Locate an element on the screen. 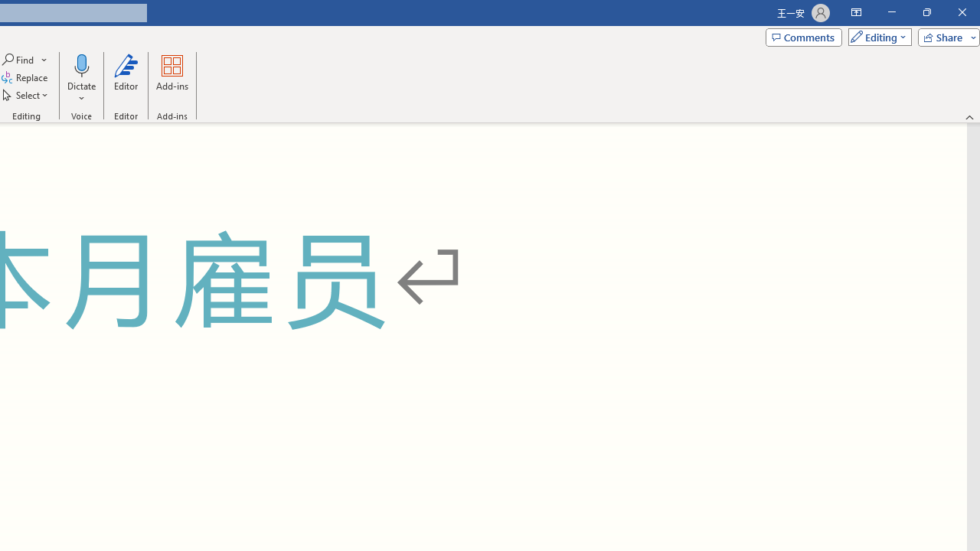 The image size is (980, 551). 'Editing' is located at coordinates (876, 36).